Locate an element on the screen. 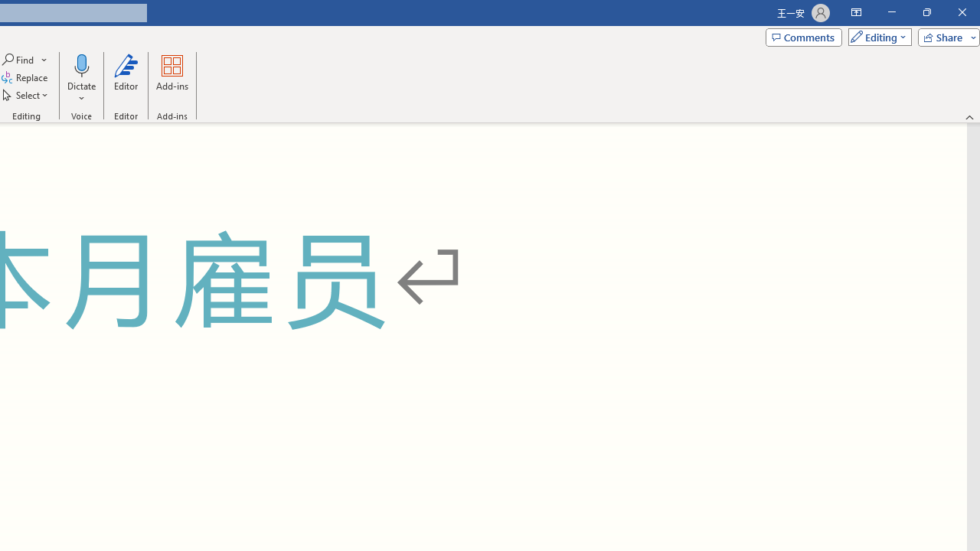 The image size is (980, 551). 'Editing' is located at coordinates (876, 36).